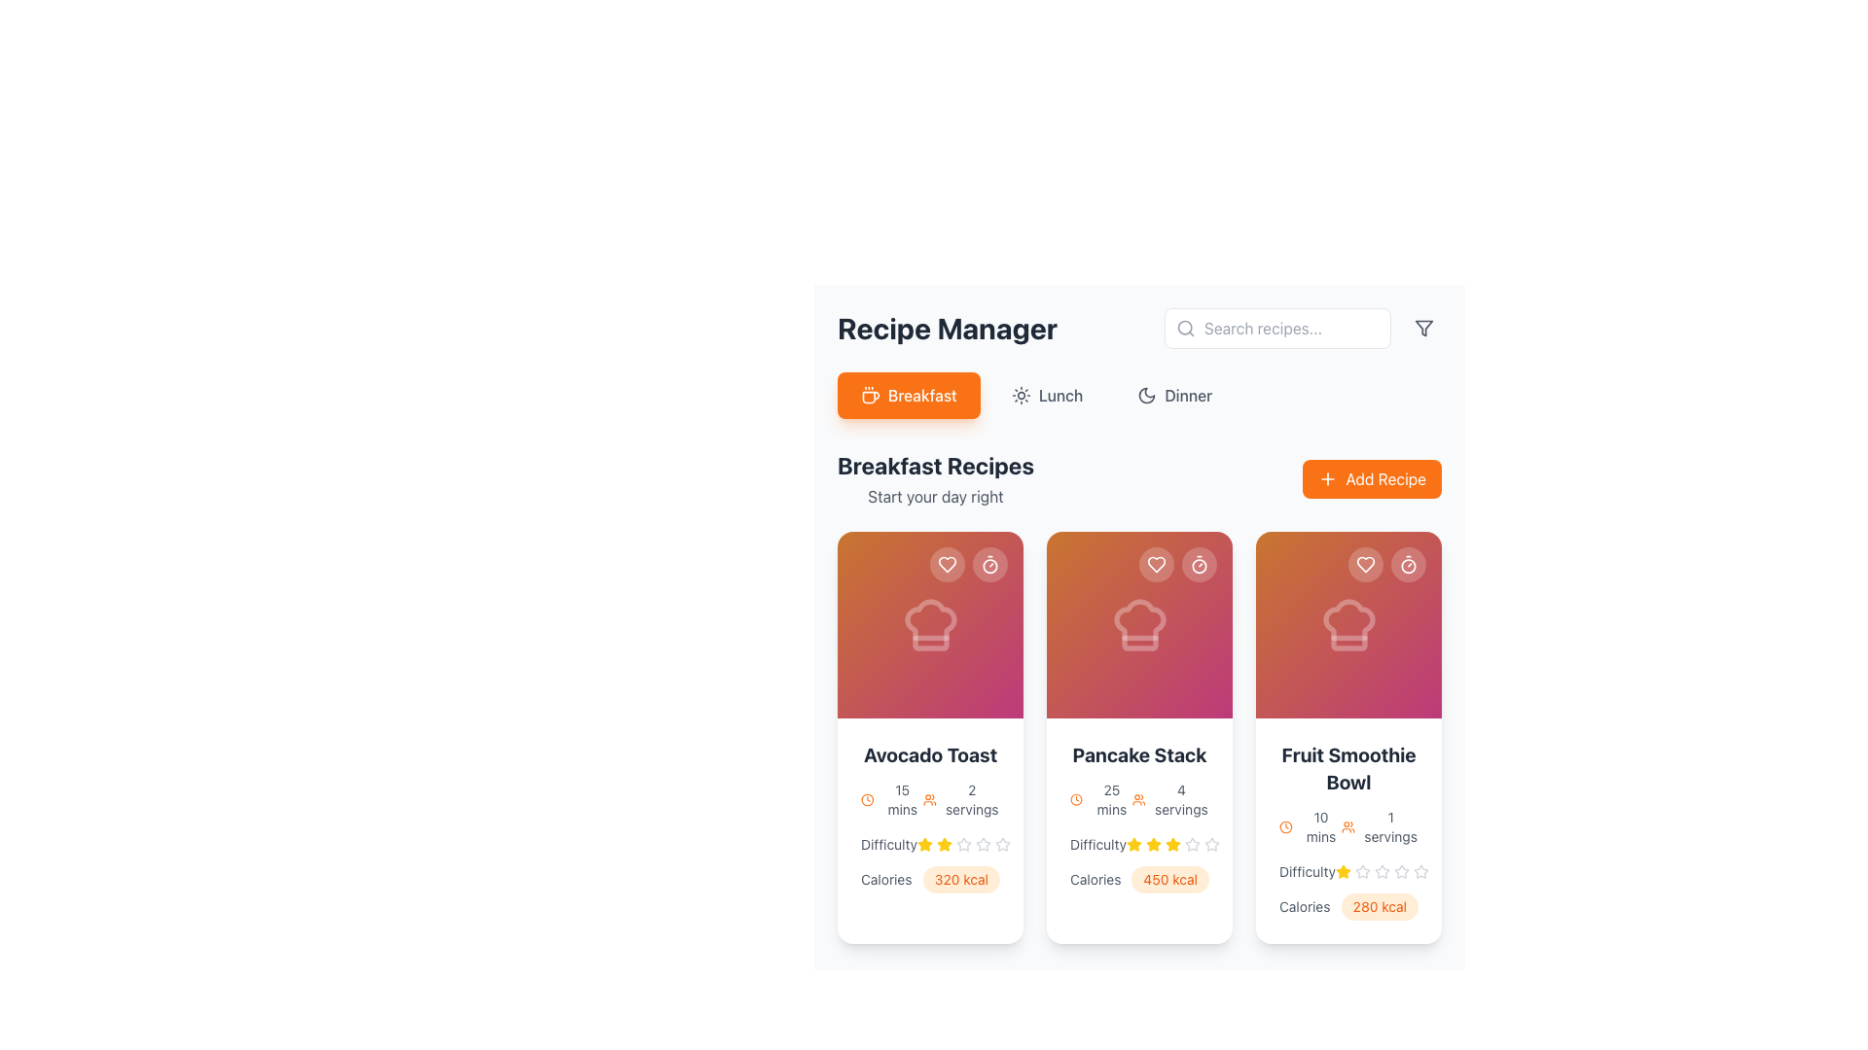 Image resolution: width=1868 pixels, height=1050 pixels. I want to click on the small, yellow five-pointed star icon, which is the third icon in a horizontal sequence of five yellow stars under the 'Difficulty' label on the 'Pancake Stack' recipe card, so click(1153, 843).